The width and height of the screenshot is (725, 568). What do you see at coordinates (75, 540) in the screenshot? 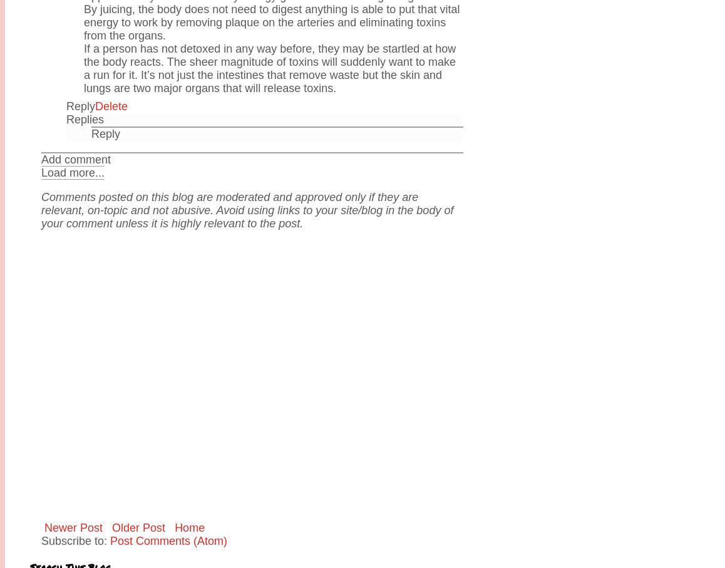
I see `'Subscribe to:'` at bounding box center [75, 540].